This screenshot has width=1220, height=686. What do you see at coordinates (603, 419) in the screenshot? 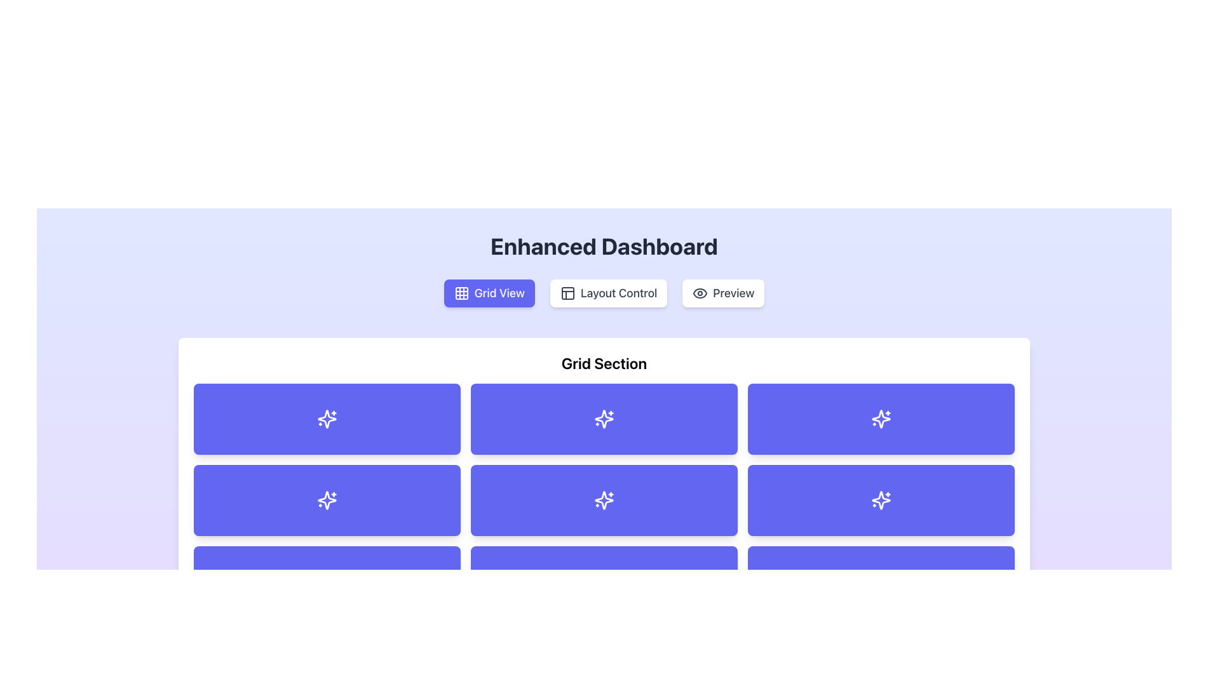
I see `the decorative icon located within the centered grid layout section beneath the heading 'Grid Section'` at bounding box center [603, 419].